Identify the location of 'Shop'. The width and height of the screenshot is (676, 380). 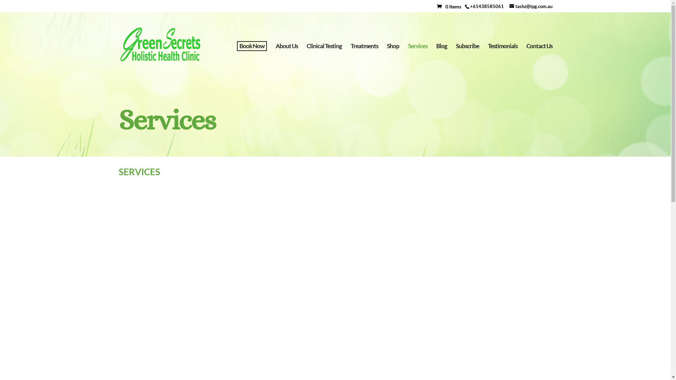
(392, 60).